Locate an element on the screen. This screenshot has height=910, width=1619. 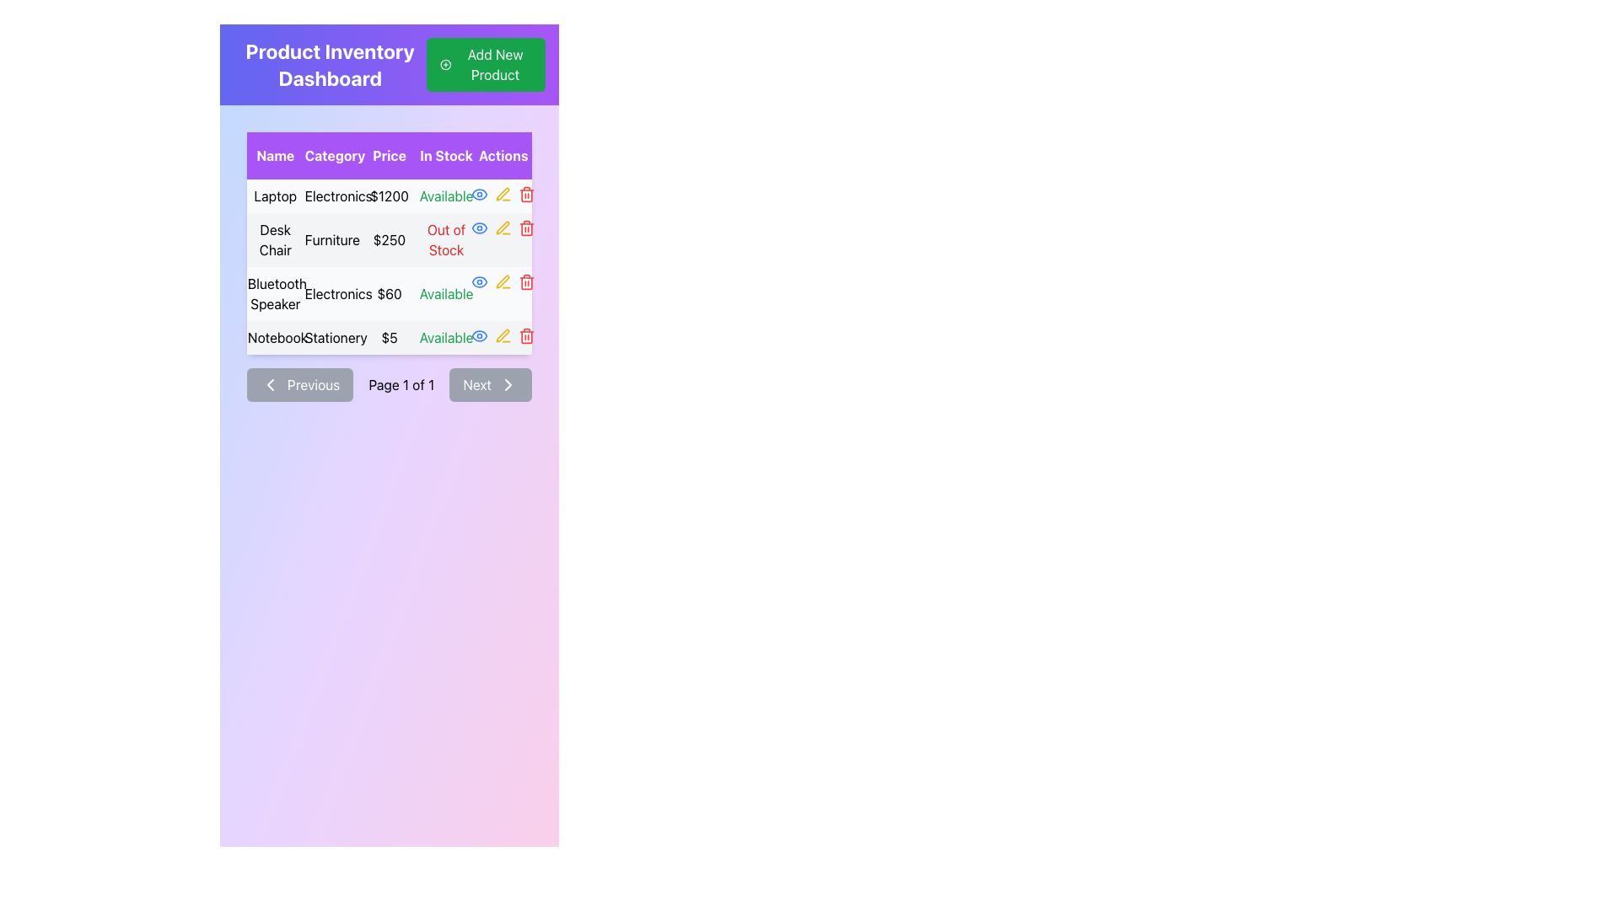
the yellow pen icon in the third row of the 'Actions' column of the table to initiate an edit action is located at coordinates (503, 281).